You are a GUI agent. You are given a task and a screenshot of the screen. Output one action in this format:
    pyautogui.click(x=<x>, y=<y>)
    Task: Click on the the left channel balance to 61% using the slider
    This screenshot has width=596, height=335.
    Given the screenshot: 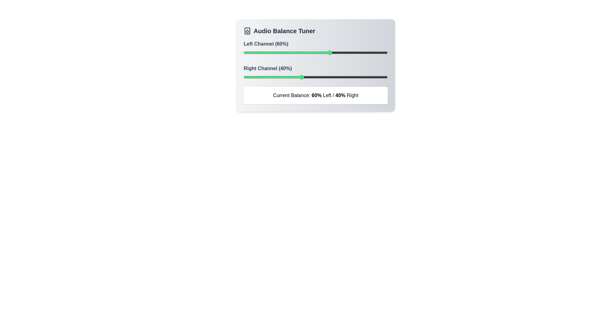 What is the action you would take?
    pyautogui.click(x=331, y=52)
    